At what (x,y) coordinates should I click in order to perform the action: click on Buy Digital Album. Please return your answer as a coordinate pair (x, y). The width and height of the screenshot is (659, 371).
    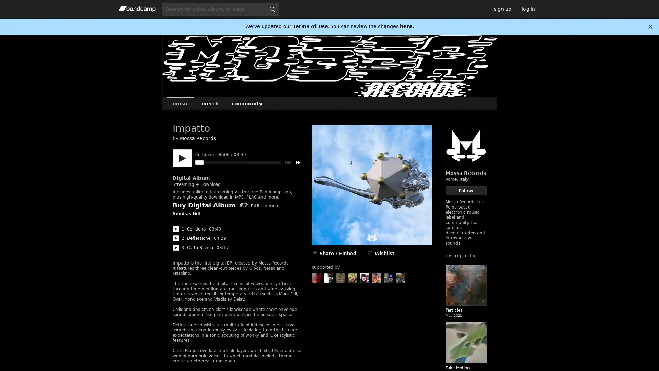
    Looking at the image, I should click on (203, 205).